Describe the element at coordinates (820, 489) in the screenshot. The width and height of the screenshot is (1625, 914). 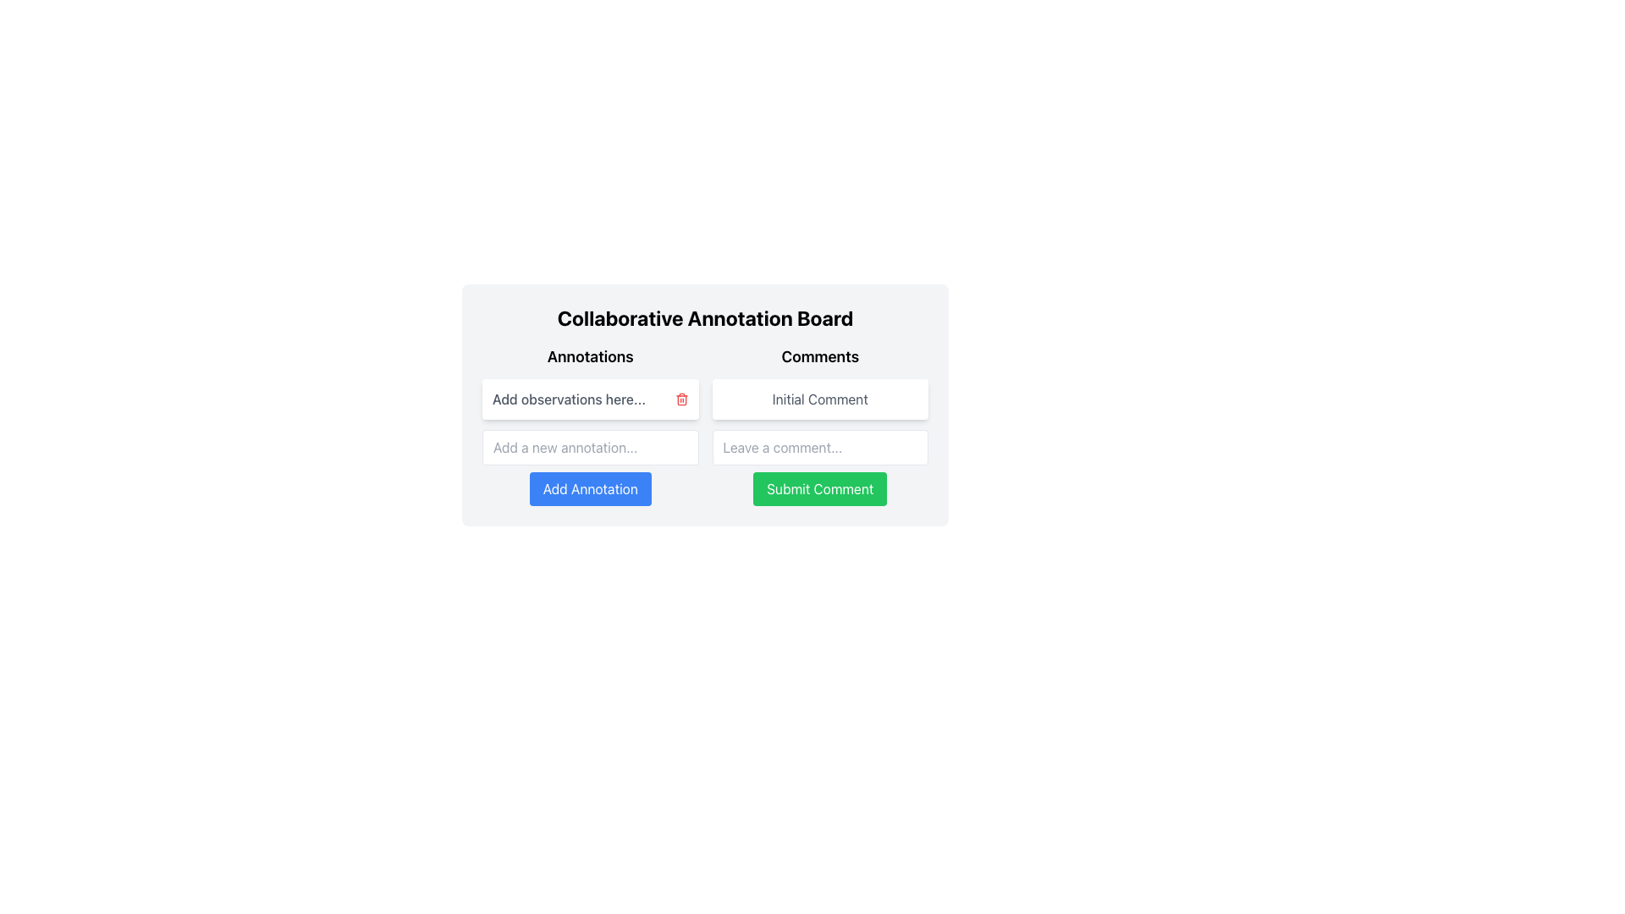
I see `the green 'Submit Comment' button located in the 'Comments' section below the text input field with the placeholder 'Leave a comment...'` at that location.